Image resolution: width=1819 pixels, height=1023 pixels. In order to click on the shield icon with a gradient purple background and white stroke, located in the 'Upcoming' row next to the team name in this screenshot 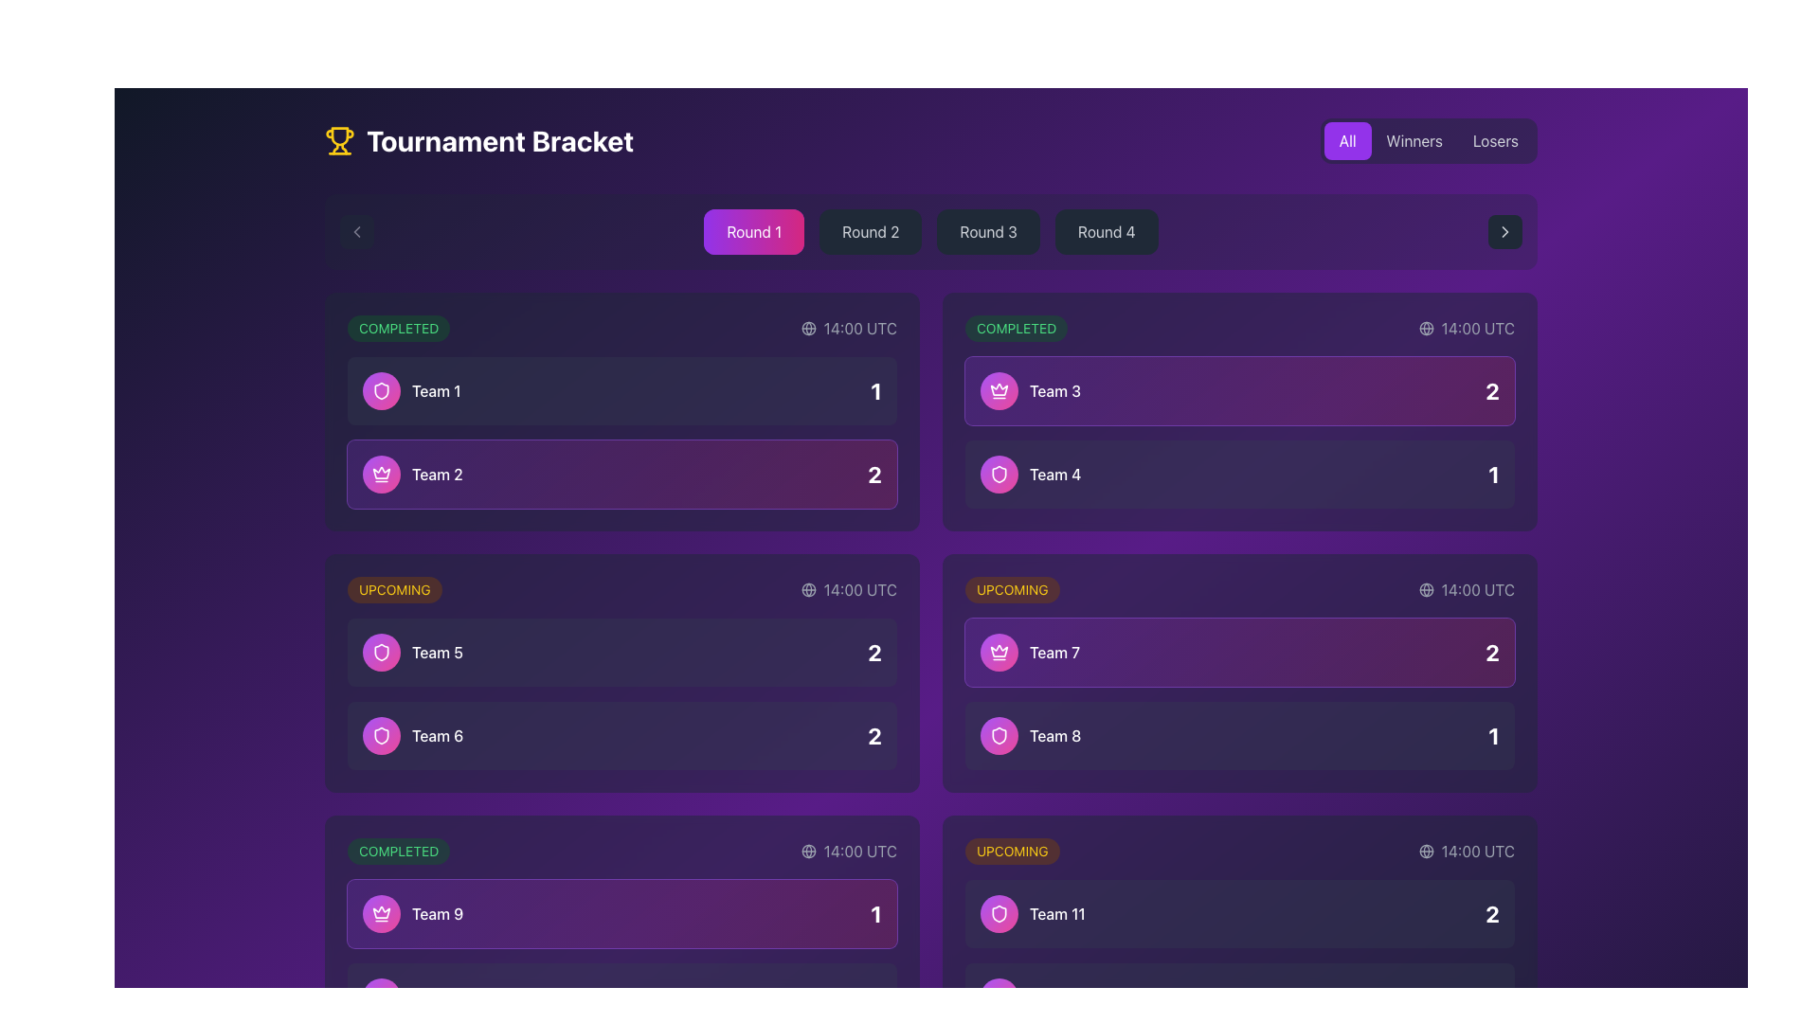, I will do `click(381, 734)`.